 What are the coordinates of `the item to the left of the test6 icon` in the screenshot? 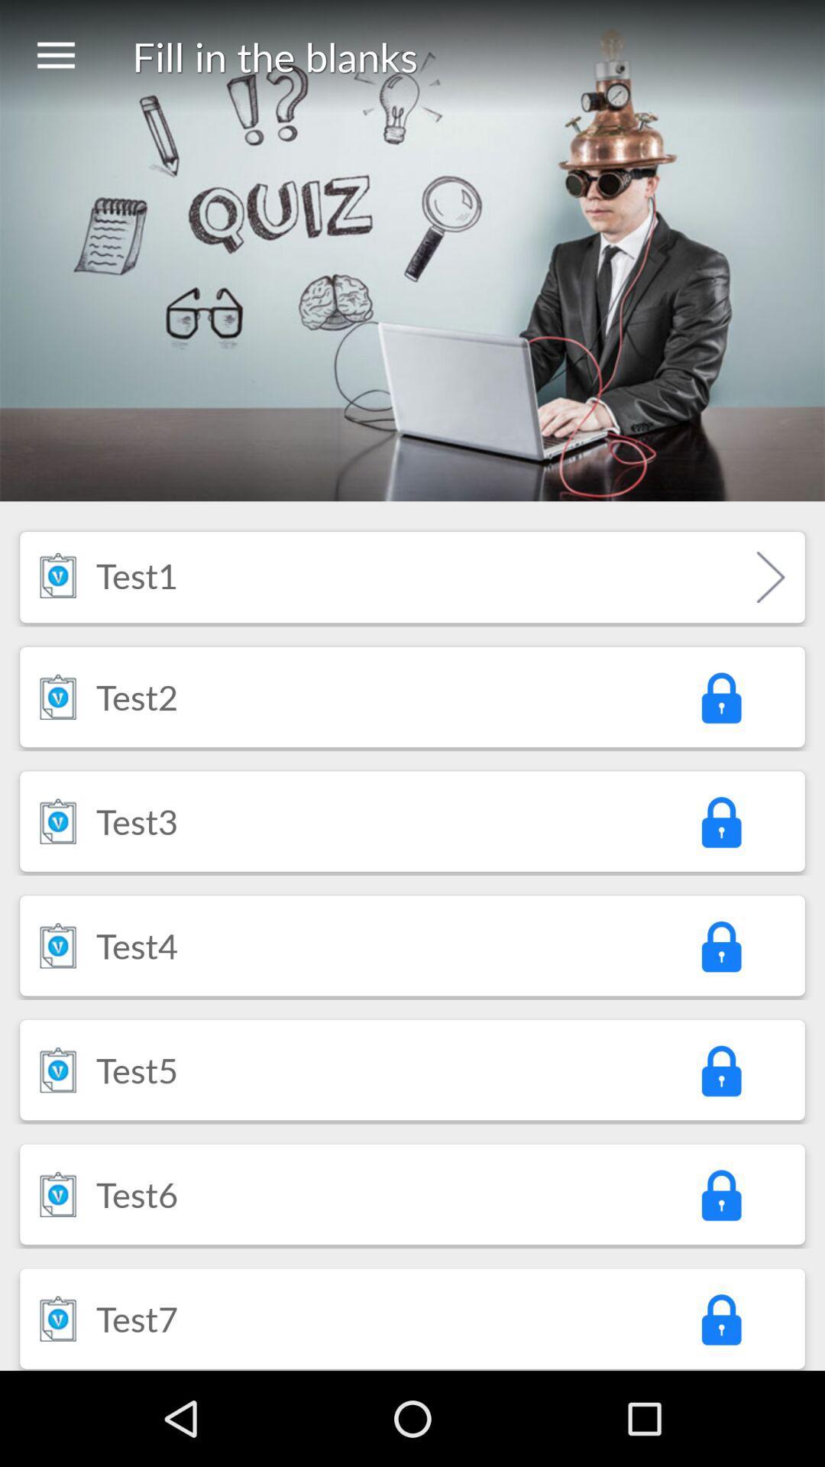 It's located at (57, 1193).